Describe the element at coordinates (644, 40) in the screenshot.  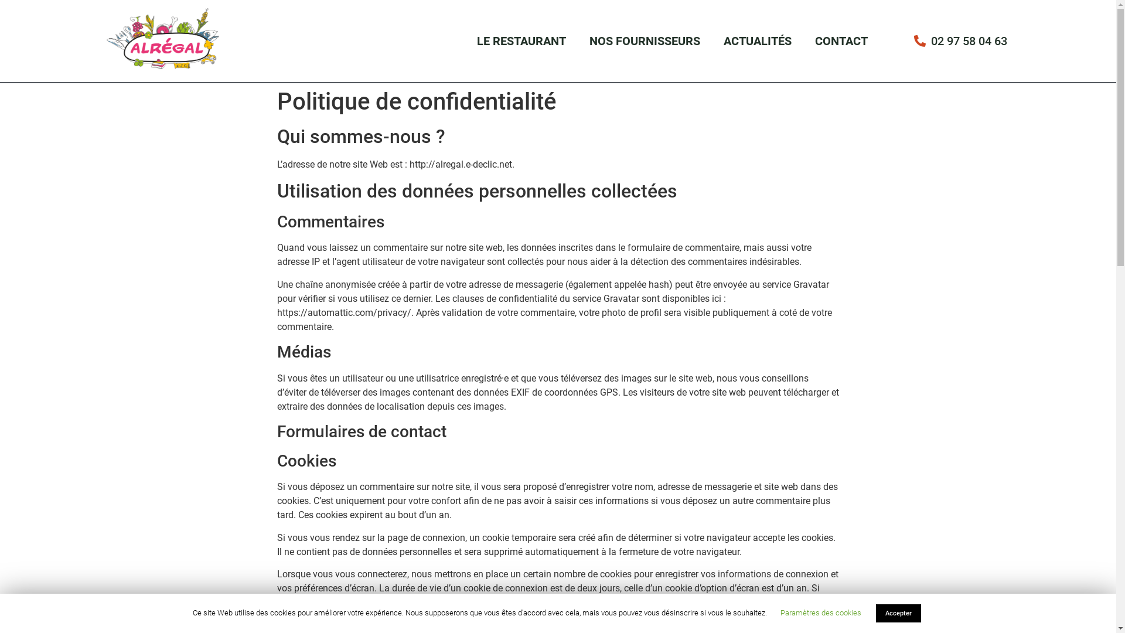
I see `'NOS FOURNISSEURS'` at that location.